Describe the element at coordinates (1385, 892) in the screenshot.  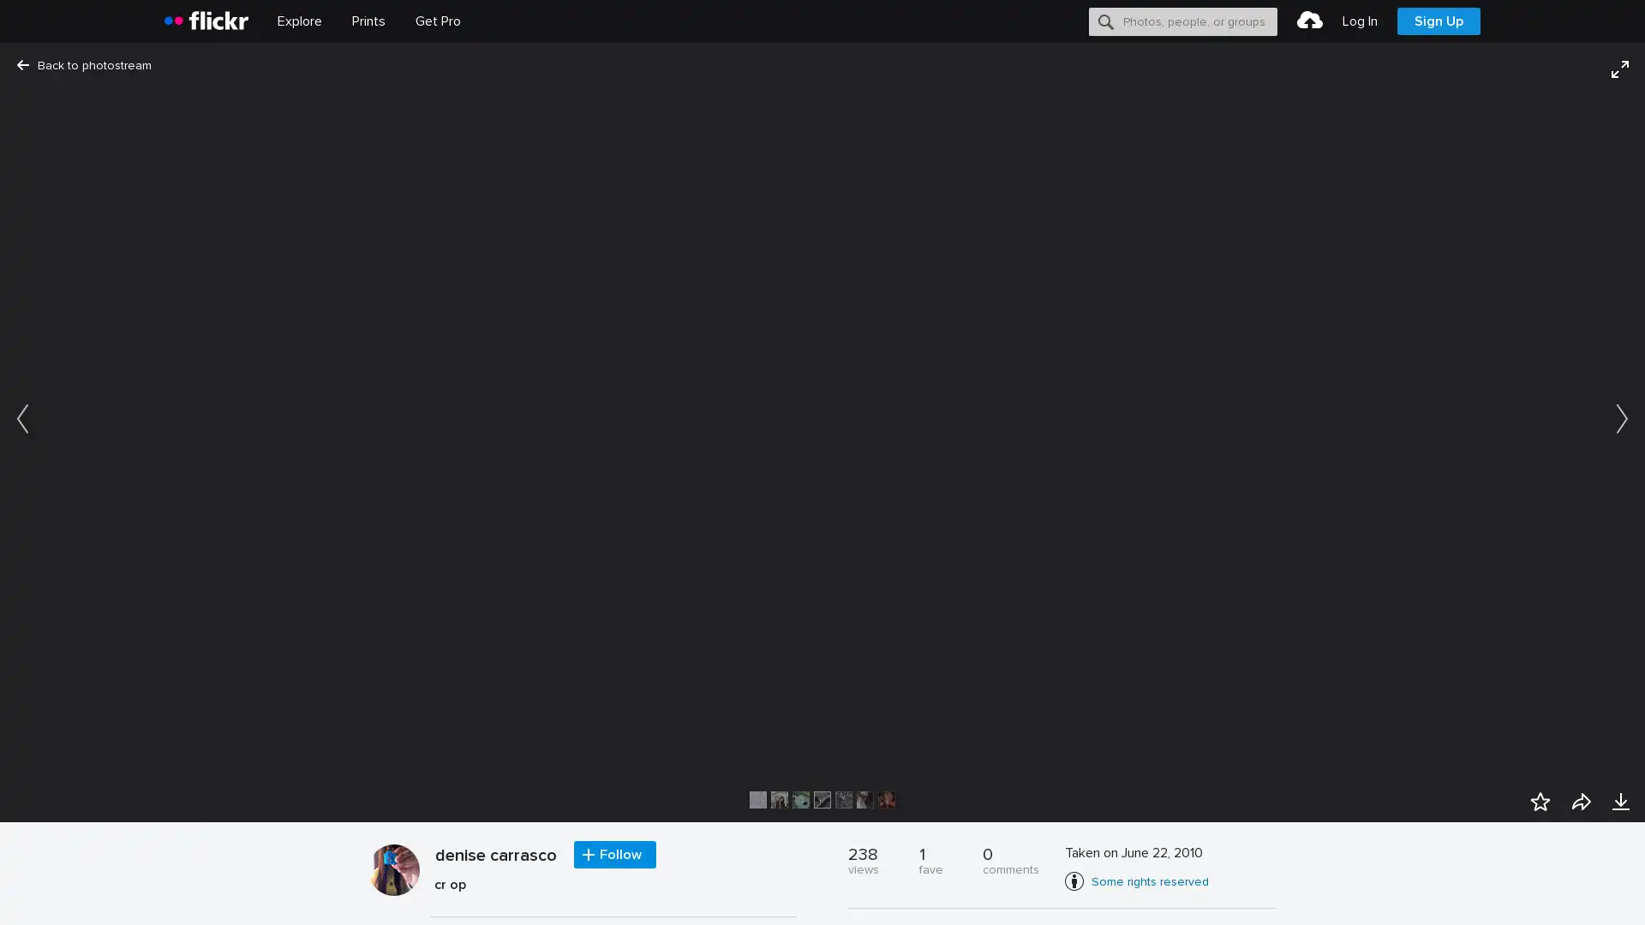
I see `Opt-out` at that location.